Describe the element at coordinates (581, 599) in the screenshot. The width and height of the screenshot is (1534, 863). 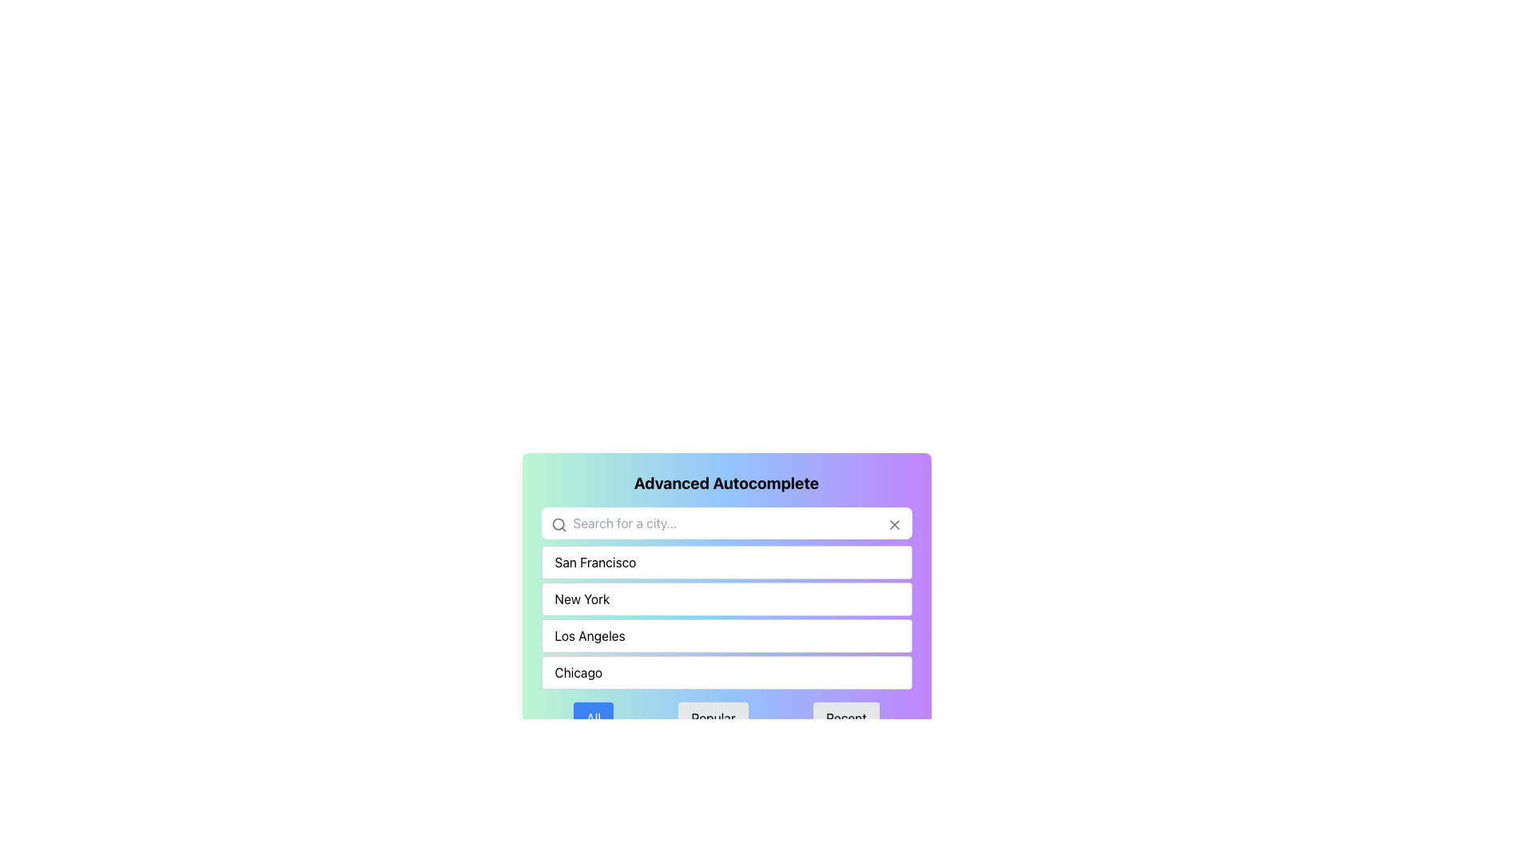
I see `text label displaying the city name 'New York', which is the second entry in a vertical list of city names` at that location.